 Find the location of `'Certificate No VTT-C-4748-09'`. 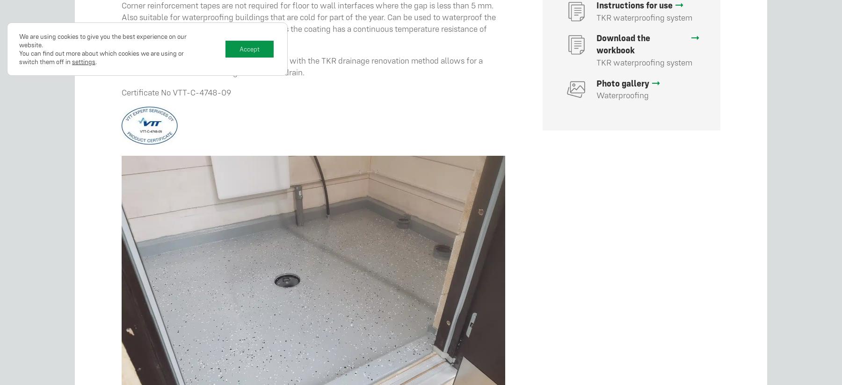

'Certificate No VTT-C-4748-09' is located at coordinates (176, 92).